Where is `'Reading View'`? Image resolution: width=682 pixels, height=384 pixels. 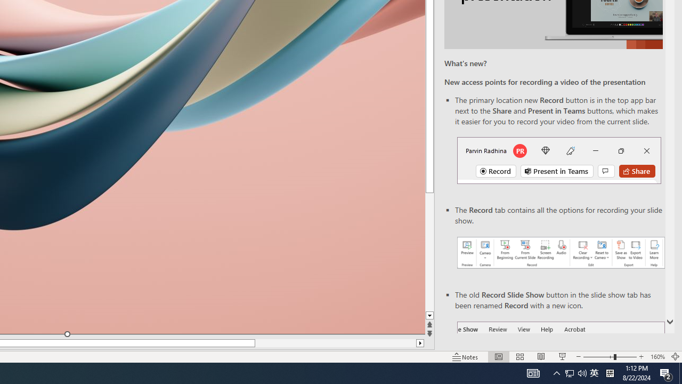 'Reading View' is located at coordinates (541, 357).